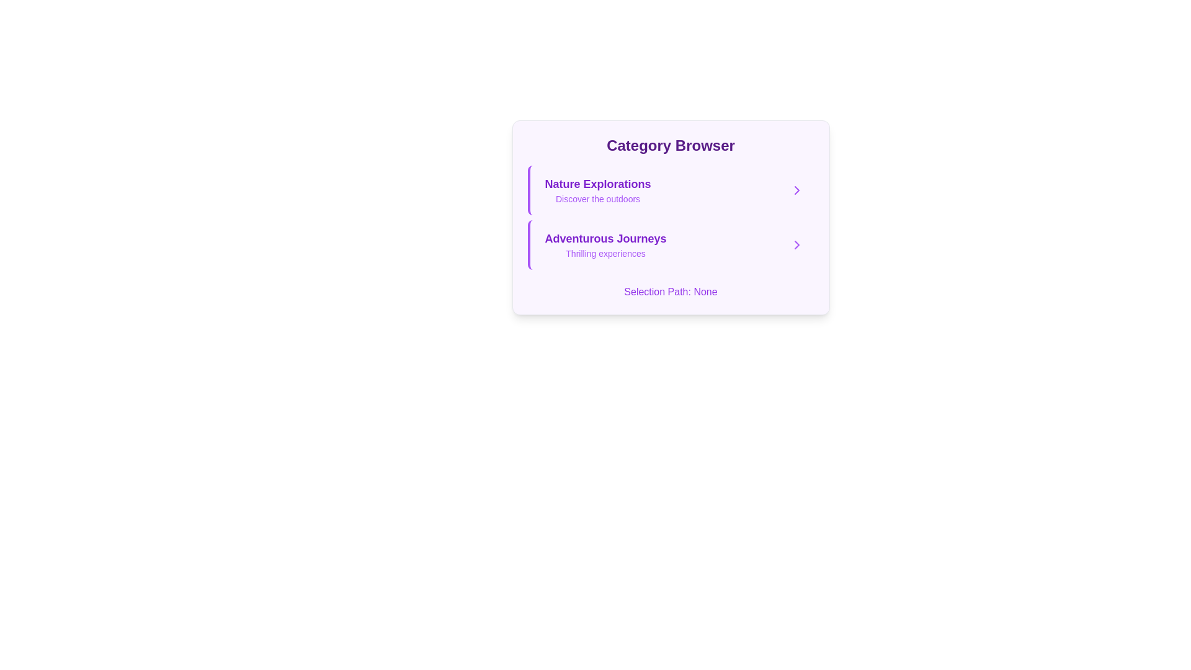 Image resolution: width=1191 pixels, height=670 pixels. Describe the element at coordinates (605, 252) in the screenshot. I see `the Text label displaying 'Thrilling experiences' in purple color, located below 'Adventurous Journeys' within the 'Category Browser' card` at that location.